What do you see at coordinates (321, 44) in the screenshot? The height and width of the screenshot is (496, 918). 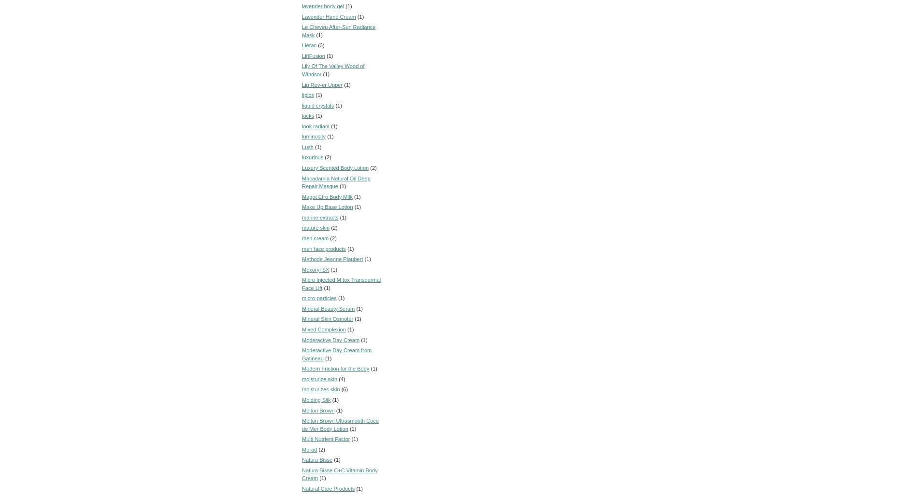 I see `'(3)'` at bounding box center [321, 44].